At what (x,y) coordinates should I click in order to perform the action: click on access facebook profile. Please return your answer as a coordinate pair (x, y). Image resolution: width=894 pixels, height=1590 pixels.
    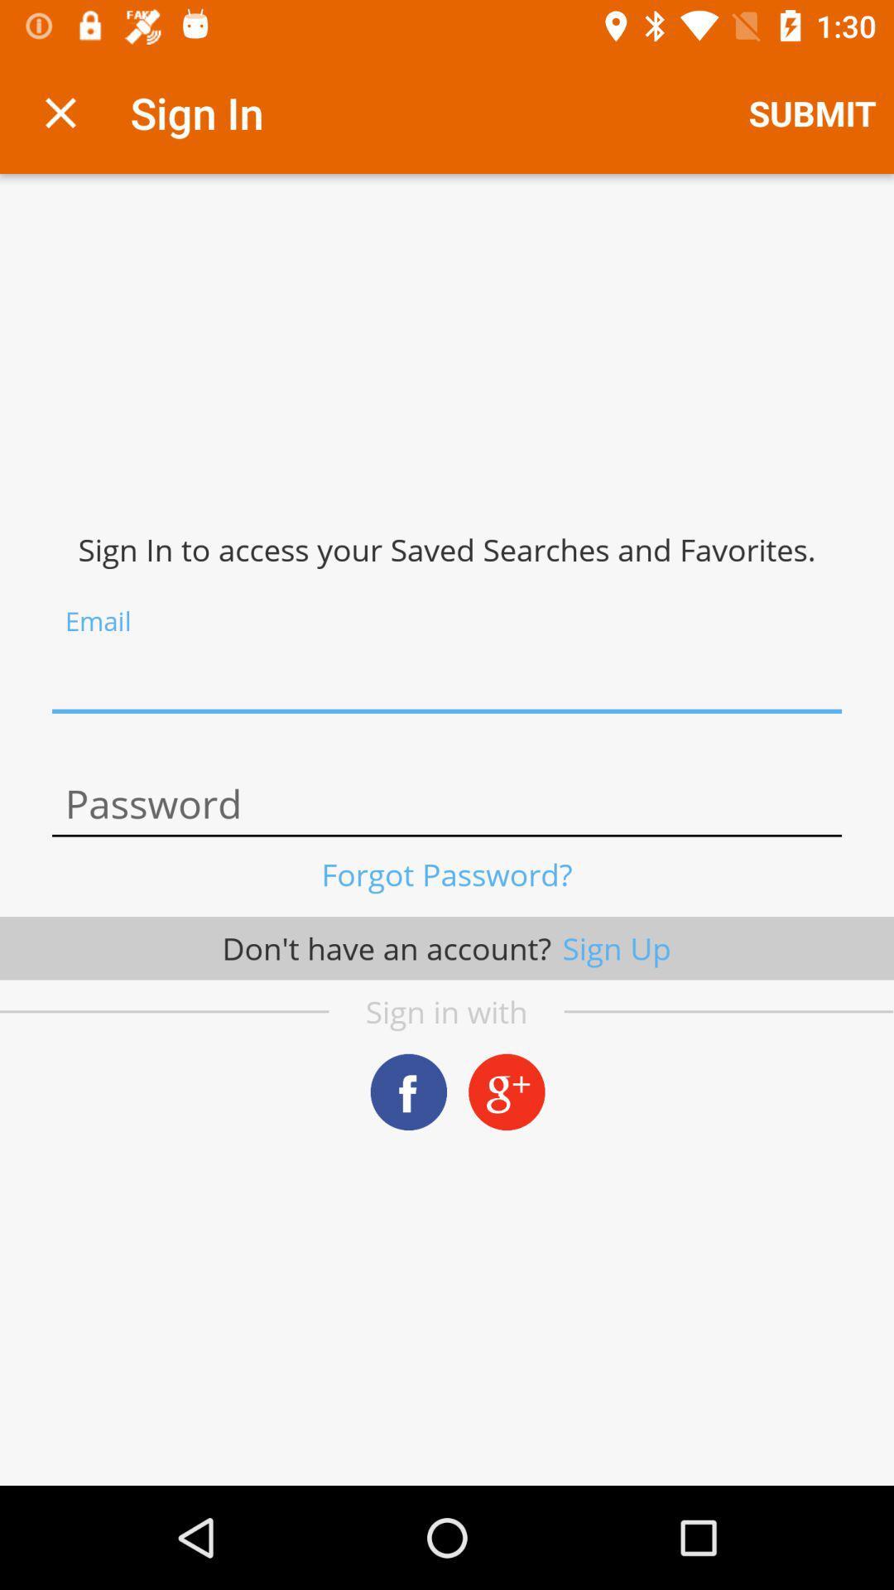
    Looking at the image, I should click on (408, 1091).